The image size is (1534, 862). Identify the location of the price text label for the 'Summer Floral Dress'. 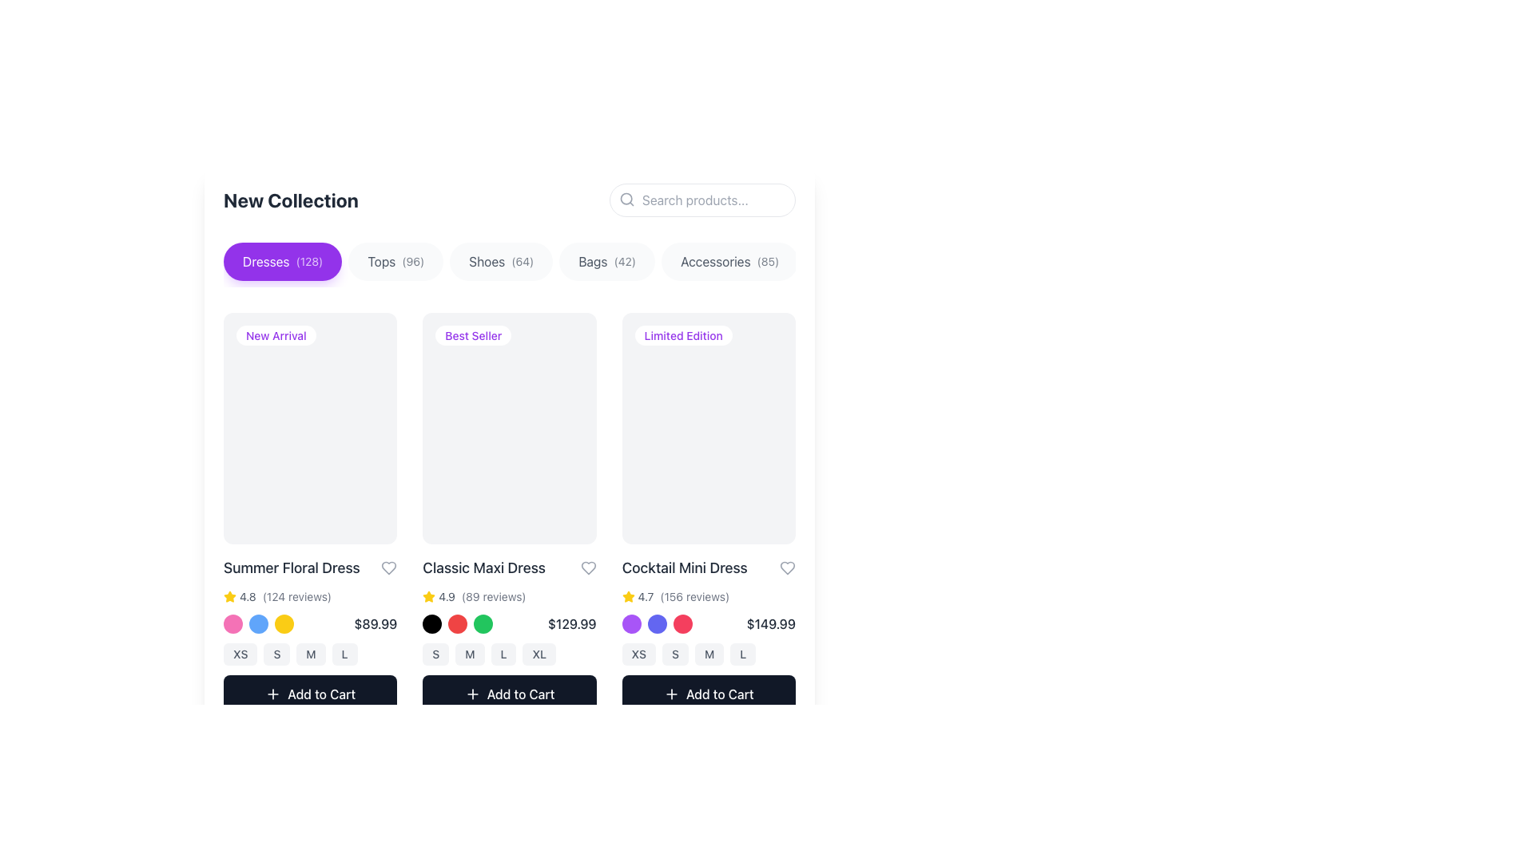
(375, 623).